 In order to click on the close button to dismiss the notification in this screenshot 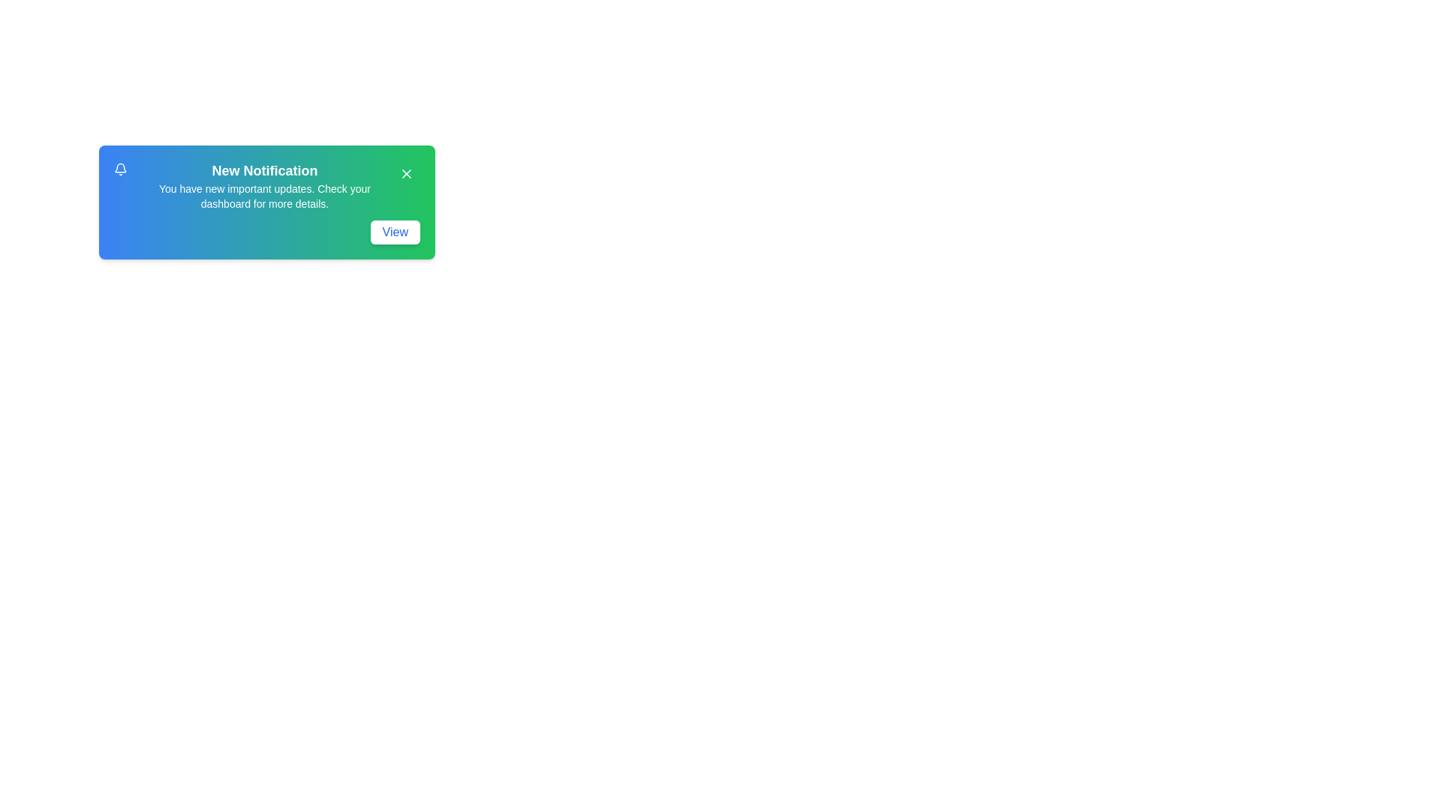, I will do `click(407, 172)`.